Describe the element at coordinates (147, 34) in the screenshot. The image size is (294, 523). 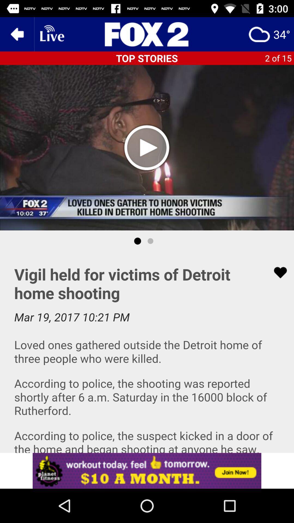
I see `live fox` at that location.